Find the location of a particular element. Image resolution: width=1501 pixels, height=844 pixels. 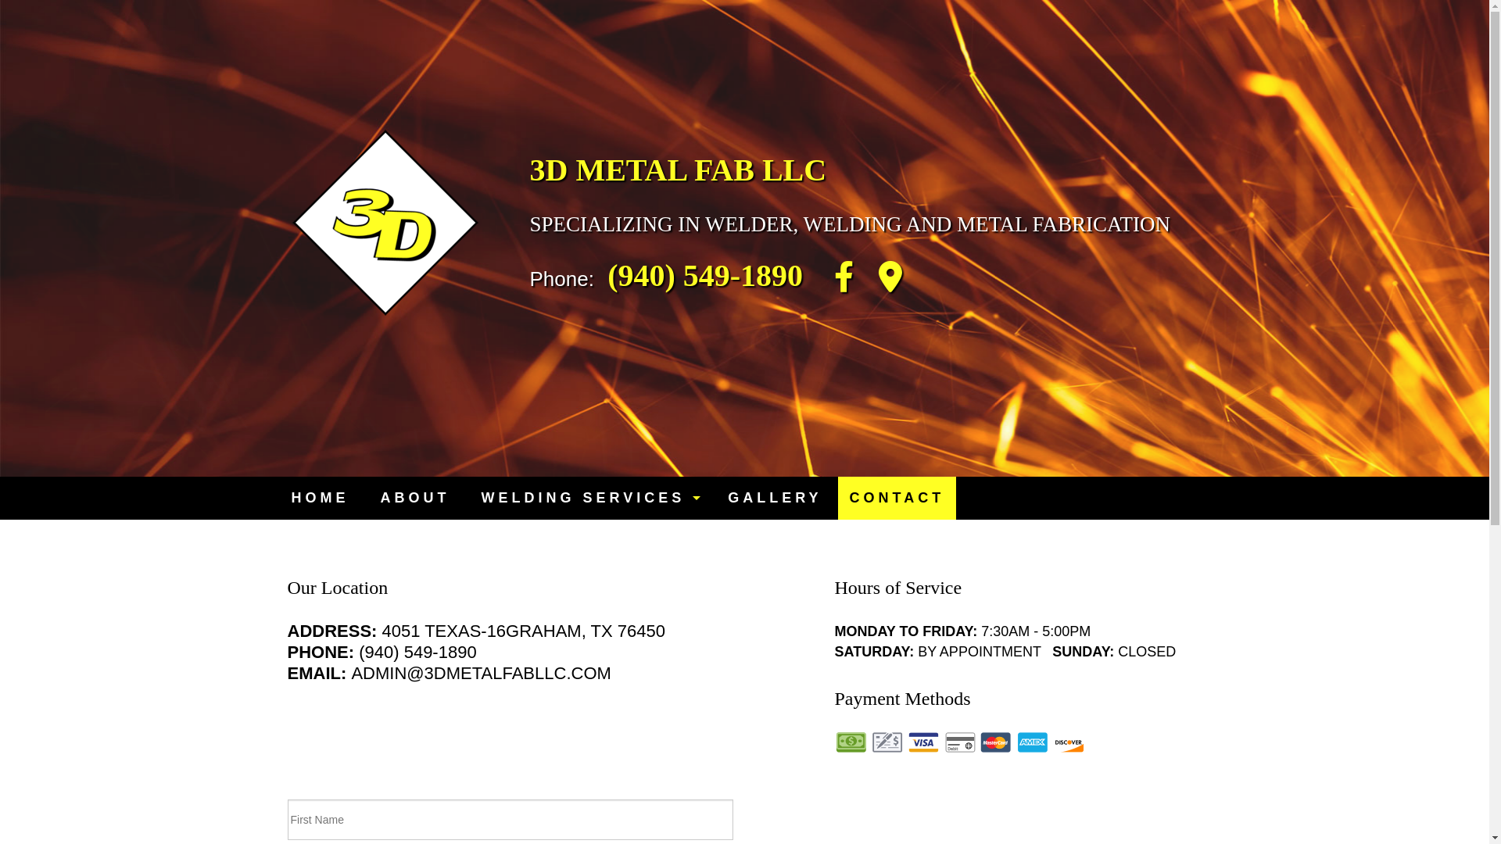

'GALLERY' is located at coordinates (711, 498).